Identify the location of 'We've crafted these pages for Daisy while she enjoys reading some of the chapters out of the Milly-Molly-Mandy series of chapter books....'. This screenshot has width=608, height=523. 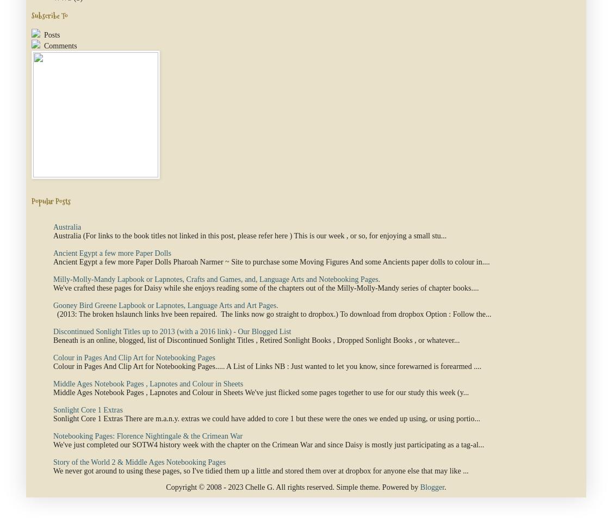
(265, 288).